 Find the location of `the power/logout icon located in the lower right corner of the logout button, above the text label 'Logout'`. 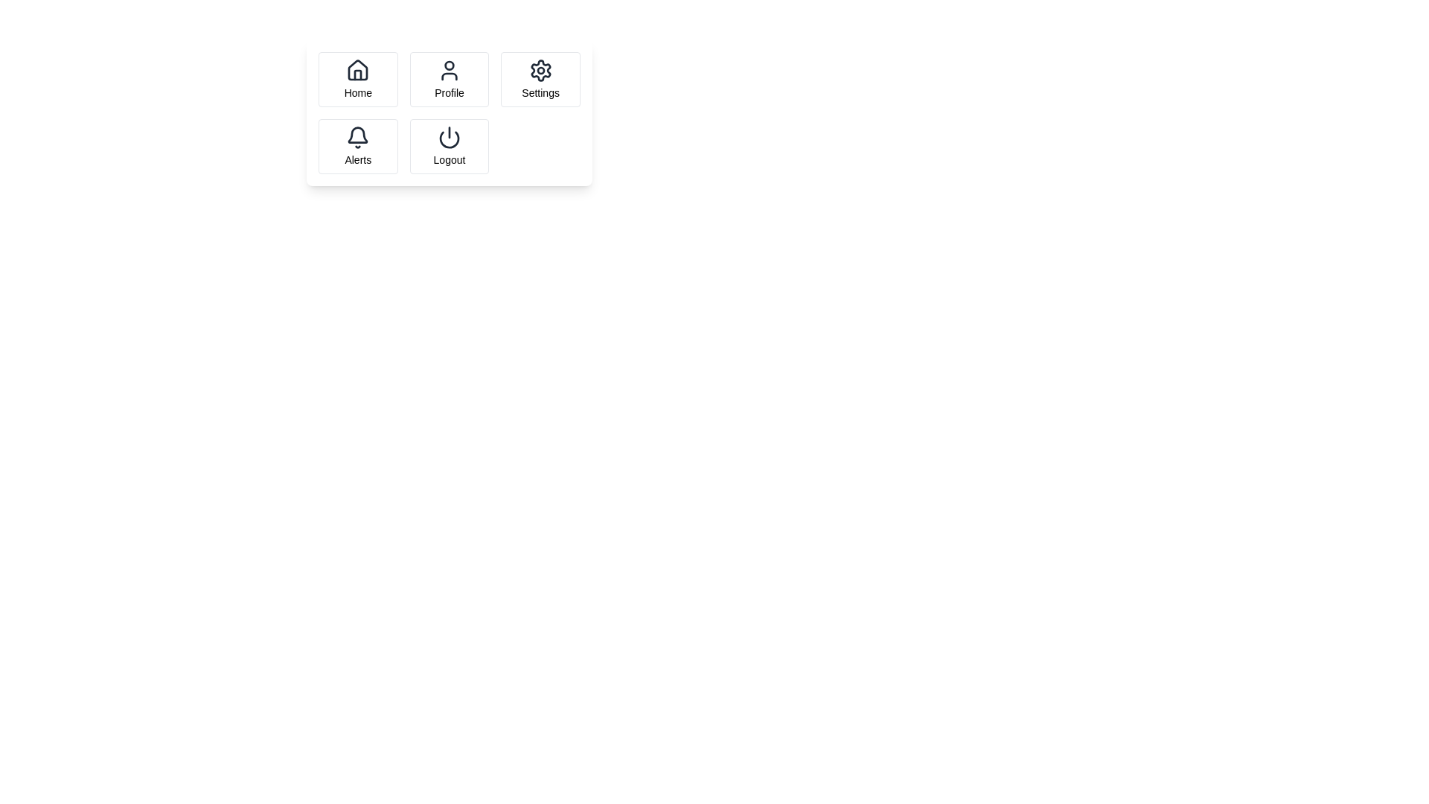

the power/logout icon located in the lower right corner of the logout button, above the text label 'Logout' is located at coordinates (449, 138).